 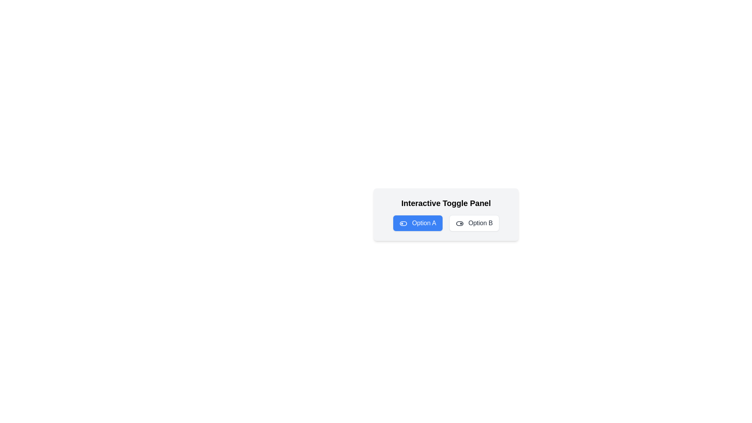 I want to click on the Rounded Rectangle element that visually represents the toggle's background, located within the panel containing toggle options 'Option A' and 'Option B', specifically positioned to the left of Option A, so click(x=403, y=223).